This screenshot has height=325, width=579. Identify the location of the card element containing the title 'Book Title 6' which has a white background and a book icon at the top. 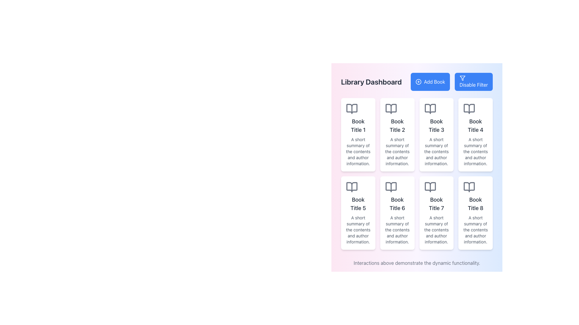
(397, 213).